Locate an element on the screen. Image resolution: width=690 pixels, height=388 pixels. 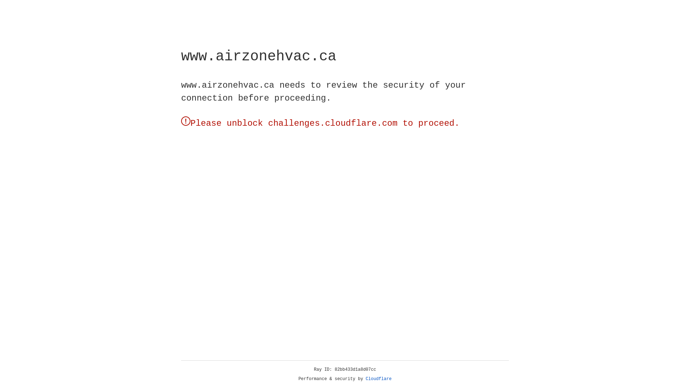
'Cloudflare' is located at coordinates (378, 379).